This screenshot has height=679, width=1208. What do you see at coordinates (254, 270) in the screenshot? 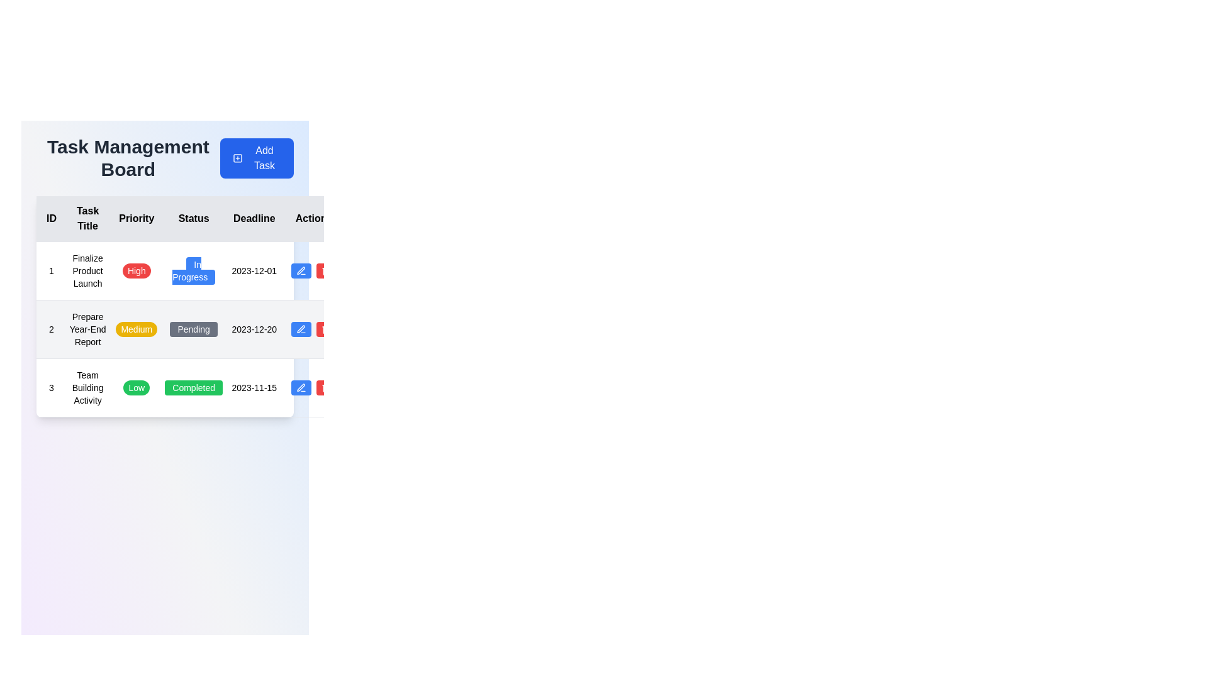
I see `the text label displaying the date '2023-12-01' in the 'Deadline' column of the task 'Finalize Product Launch'` at bounding box center [254, 270].